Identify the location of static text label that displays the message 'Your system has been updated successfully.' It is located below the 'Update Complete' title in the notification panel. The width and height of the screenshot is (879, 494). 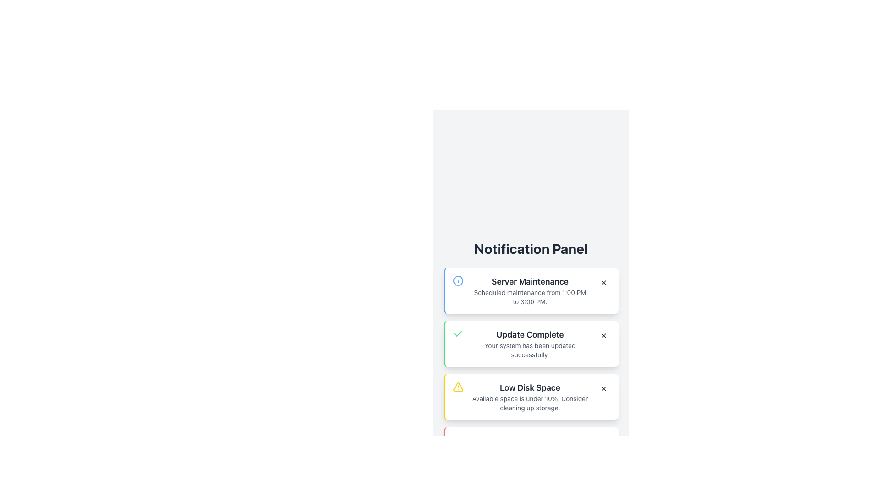
(530, 350).